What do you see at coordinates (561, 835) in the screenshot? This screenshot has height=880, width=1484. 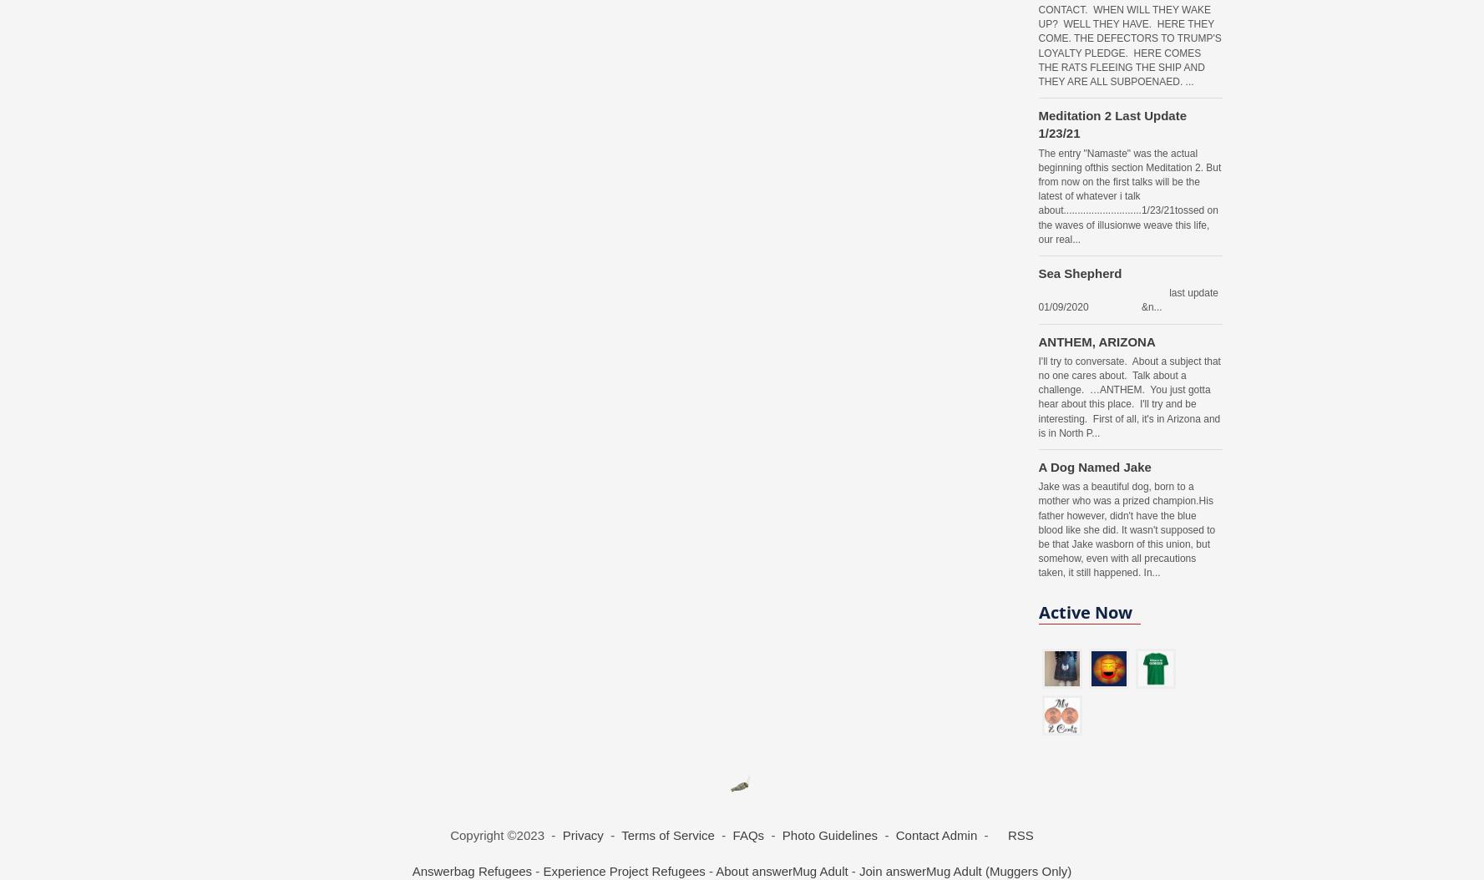 I see `'Privacy'` at bounding box center [561, 835].